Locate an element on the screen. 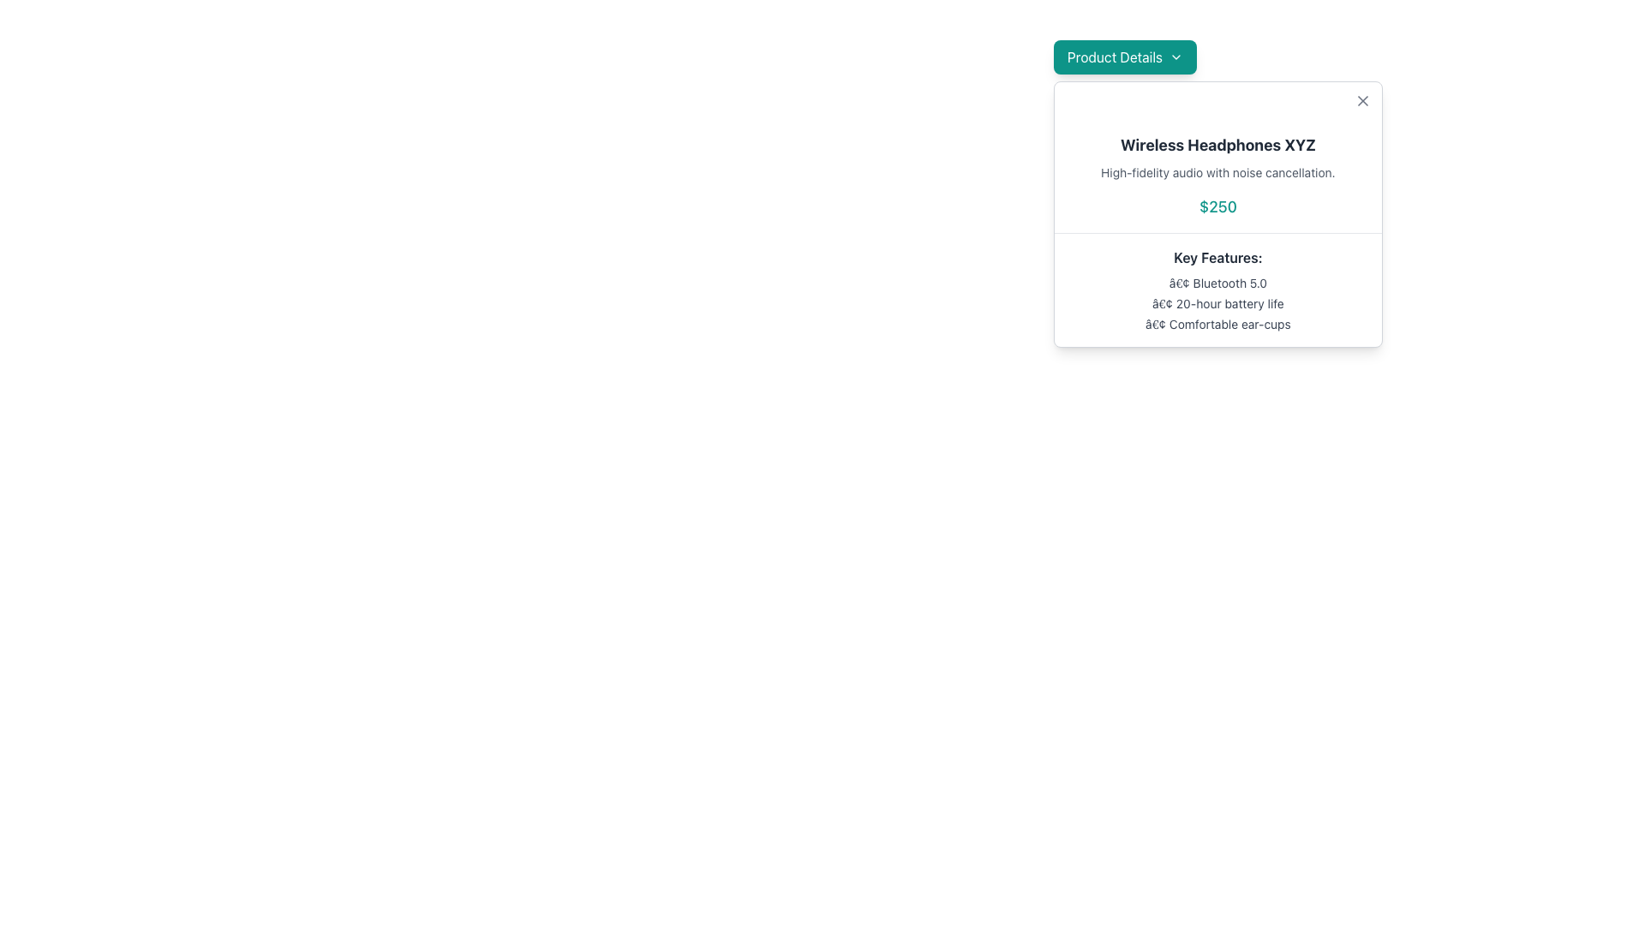  the Text Label that introduces the bulleted list of features, positioned below the price information in the product details card is located at coordinates (1217, 257).